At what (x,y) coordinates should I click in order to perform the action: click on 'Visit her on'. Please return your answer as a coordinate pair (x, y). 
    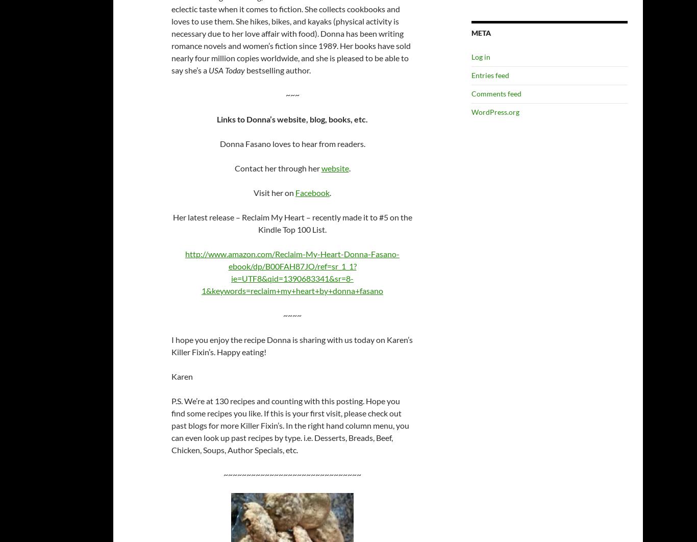
    Looking at the image, I should click on (275, 192).